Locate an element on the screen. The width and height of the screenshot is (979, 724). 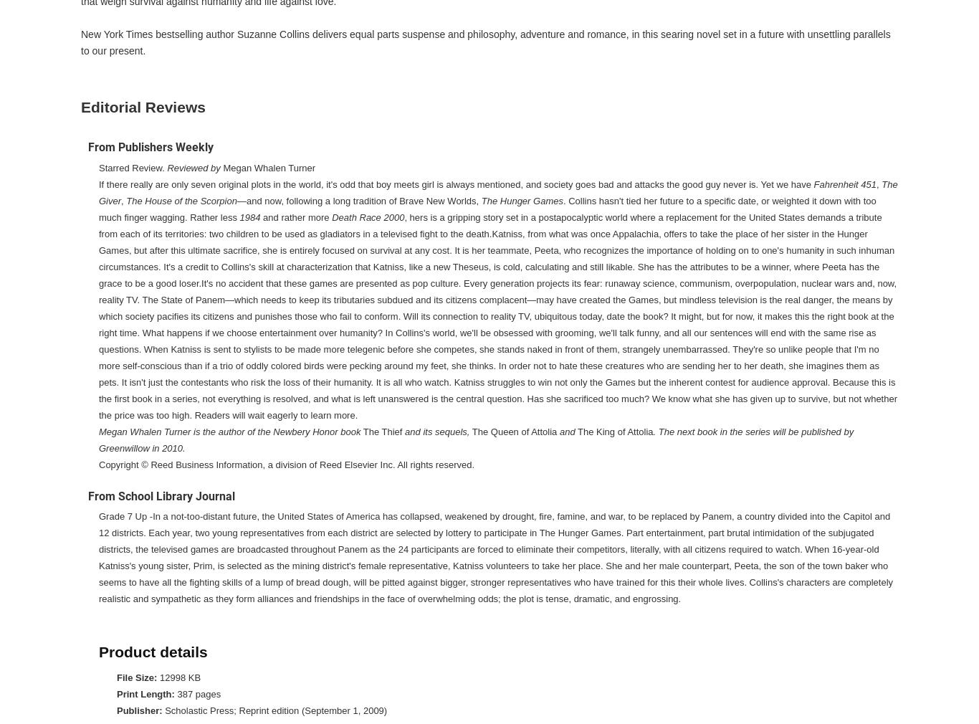
'Reviewed by' is located at coordinates (194, 166).